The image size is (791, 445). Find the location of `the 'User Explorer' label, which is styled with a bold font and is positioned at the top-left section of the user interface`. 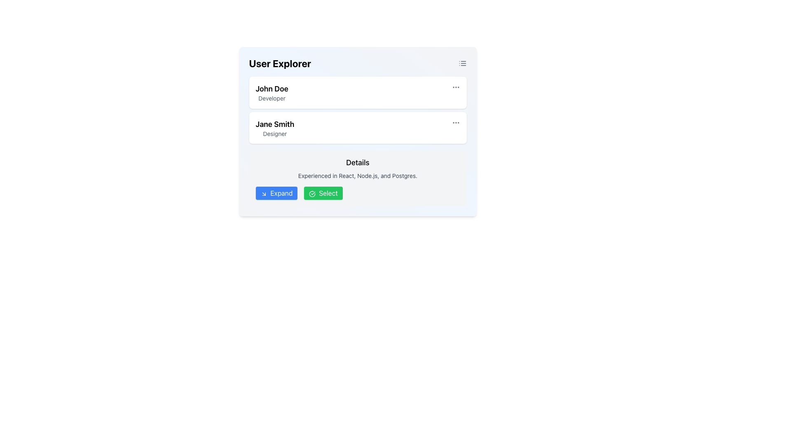

the 'User Explorer' label, which is styled with a bold font and is positioned at the top-left section of the user interface is located at coordinates (280, 63).